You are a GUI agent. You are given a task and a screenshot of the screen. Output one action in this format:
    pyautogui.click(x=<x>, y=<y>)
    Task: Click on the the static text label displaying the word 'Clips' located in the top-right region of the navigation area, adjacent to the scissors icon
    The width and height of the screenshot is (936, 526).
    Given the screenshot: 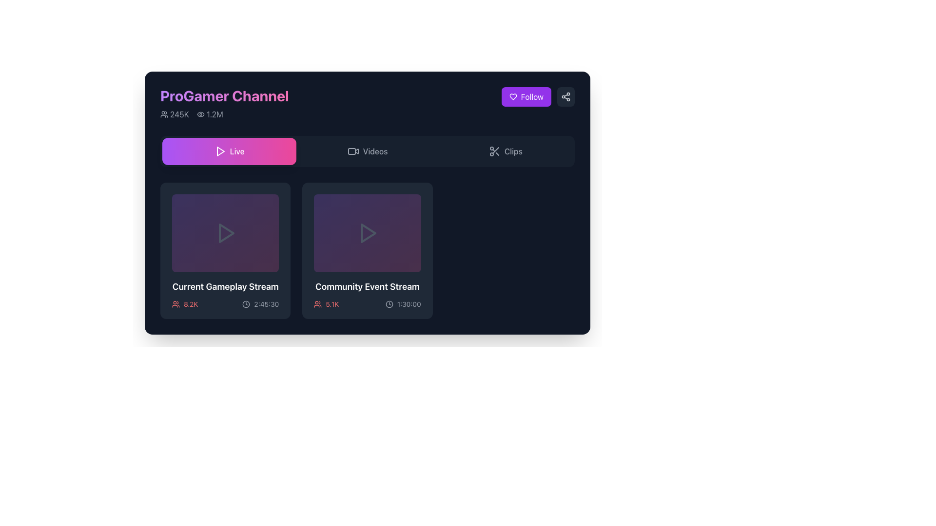 What is the action you would take?
    pyautogui.click(x=513, y=151)
    